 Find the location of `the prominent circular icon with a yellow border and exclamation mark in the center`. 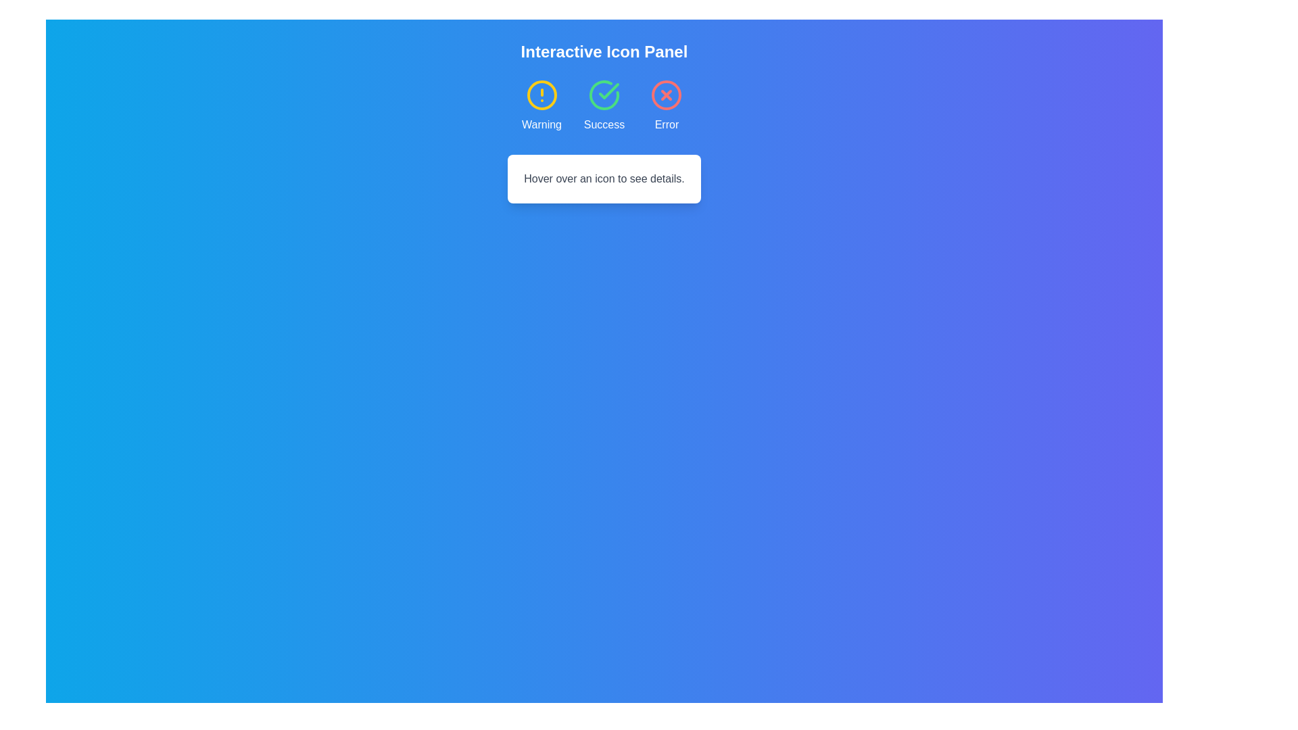

the prominent circular icon with a yellow border and exclamation mark in the center is located at coordinates (542, 95).